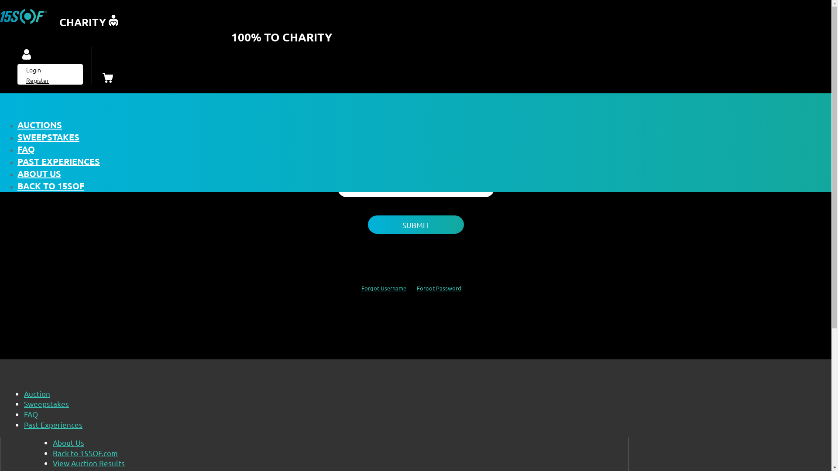 The width and height of the screenshot is (838, 471). What do you see at coordinates (37, 80) in the screenshot?
I see `'Register'` at bounding box center [37, 80].